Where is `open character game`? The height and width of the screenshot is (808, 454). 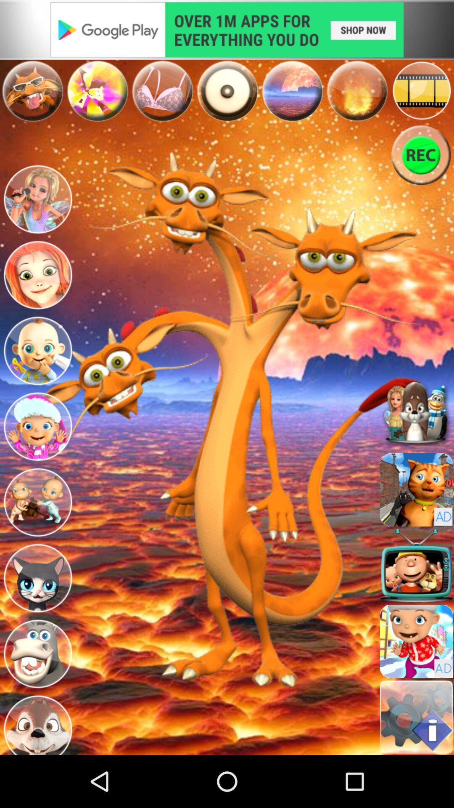
open character game is located at coordinates (37, 200).